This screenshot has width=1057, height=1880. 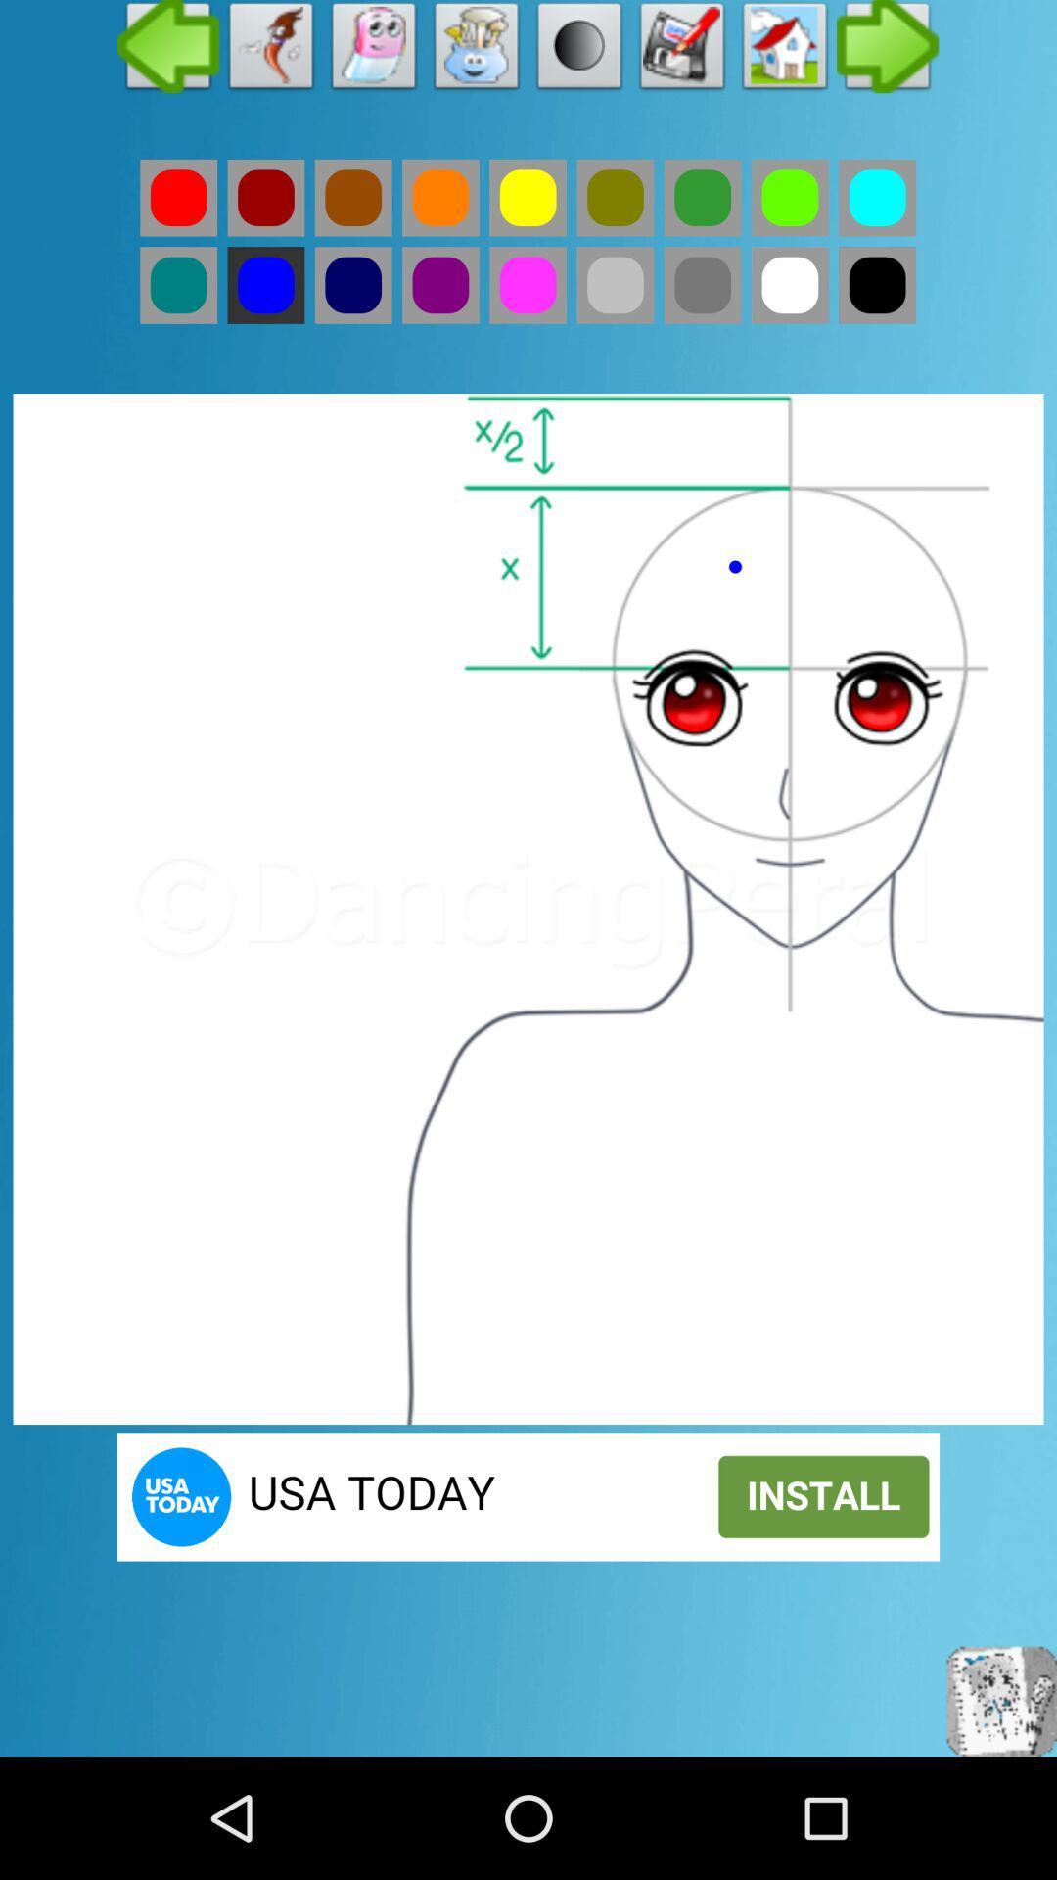 What do you see at coordinates (178, 198) in the screenshot?
I see `choose red colour` at bounding box center [178, 198].